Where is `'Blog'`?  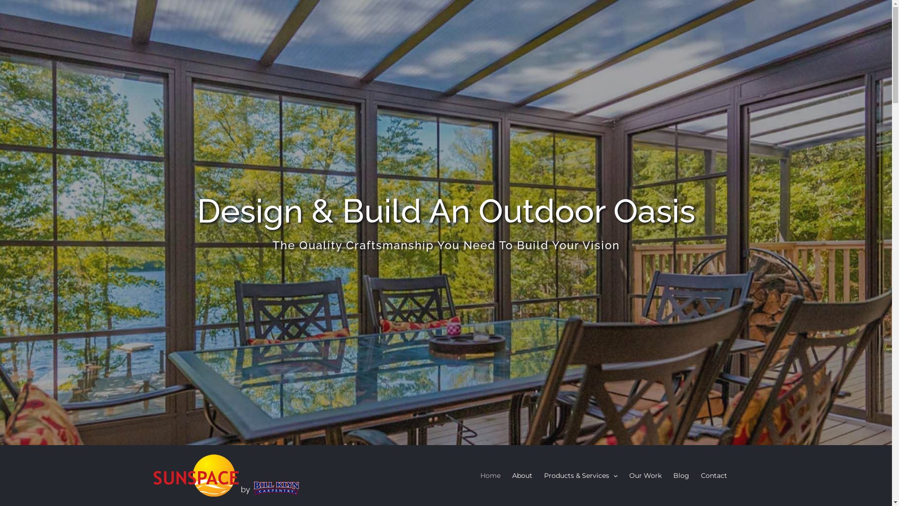
'Blog' is located at coordinates (681, 475).